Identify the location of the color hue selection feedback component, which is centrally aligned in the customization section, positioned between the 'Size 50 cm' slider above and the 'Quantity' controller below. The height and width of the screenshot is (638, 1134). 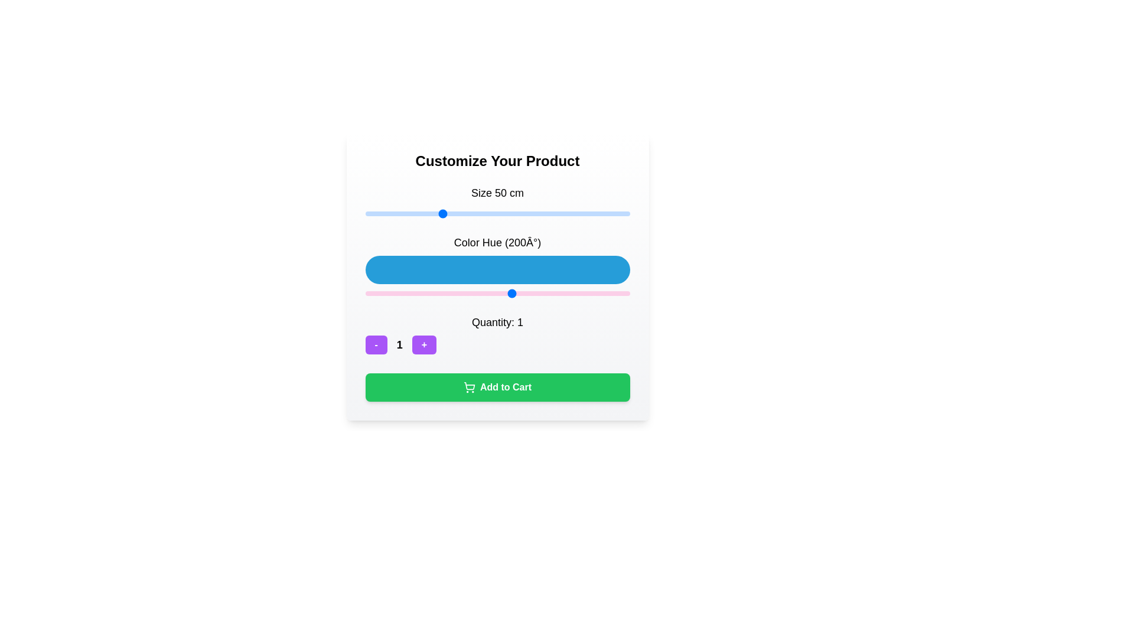
(497, 269).